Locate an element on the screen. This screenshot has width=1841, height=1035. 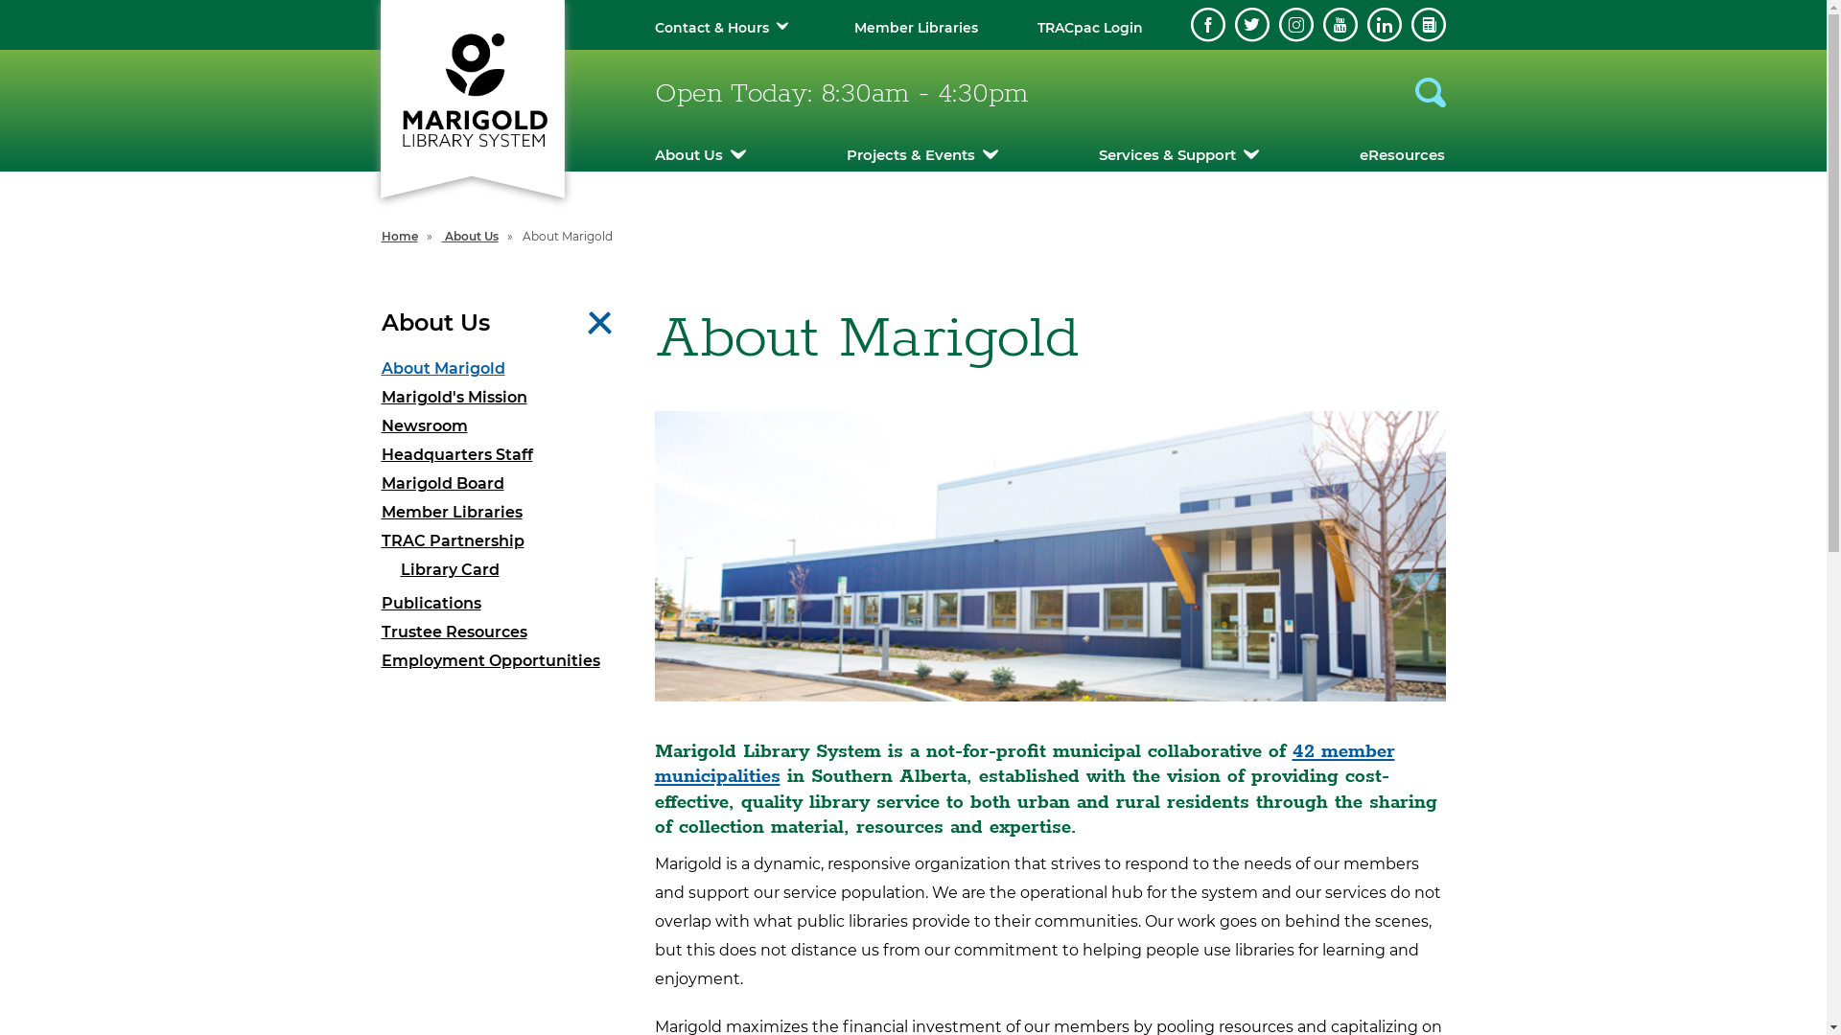
'Member Libraries' is located at coordinates (382, 512).